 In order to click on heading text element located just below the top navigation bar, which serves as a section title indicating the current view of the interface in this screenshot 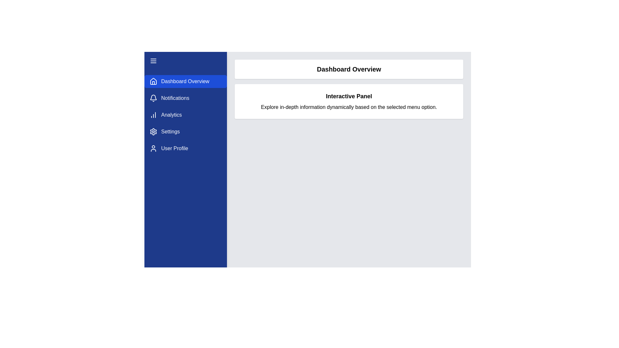, I will do `click(349, 69)`.